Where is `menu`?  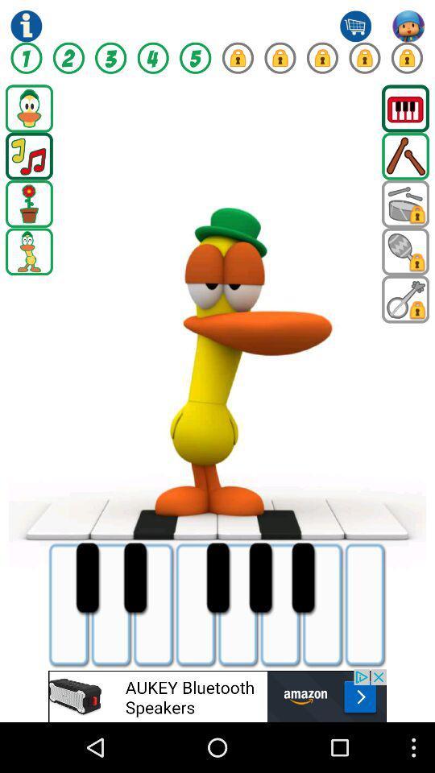
menu is located at coordinates (404, 107).